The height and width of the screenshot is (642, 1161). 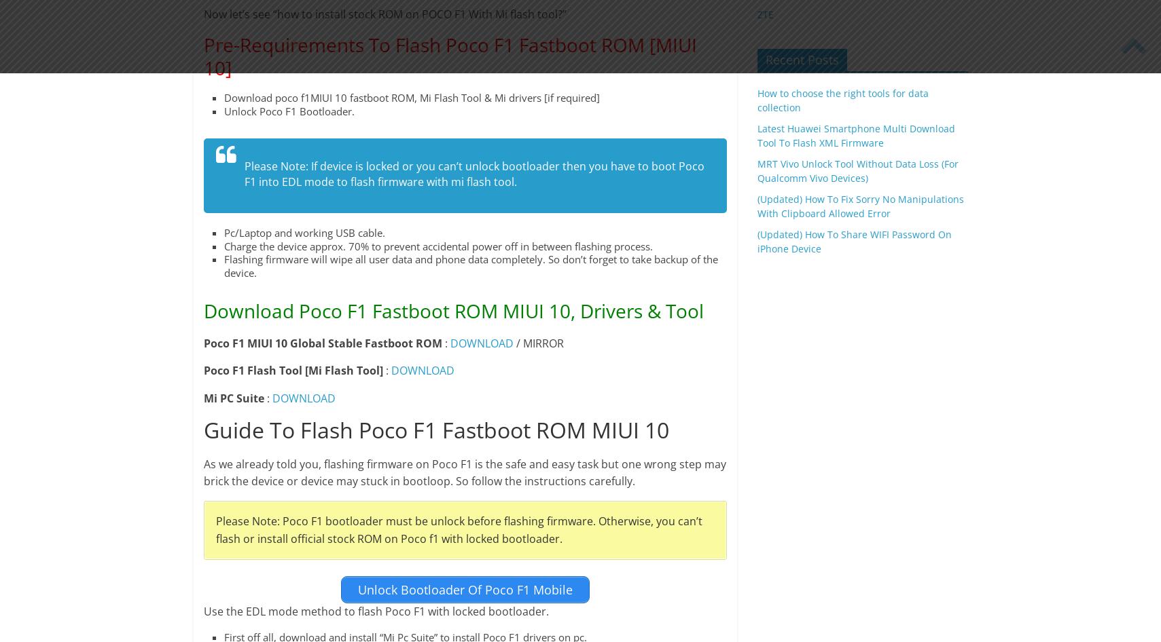 What do you see at coordinates (303, 233) in the screenshot?
I see `'Pc/Laptop and working USB cable.'` at bounding box center [303, 233].